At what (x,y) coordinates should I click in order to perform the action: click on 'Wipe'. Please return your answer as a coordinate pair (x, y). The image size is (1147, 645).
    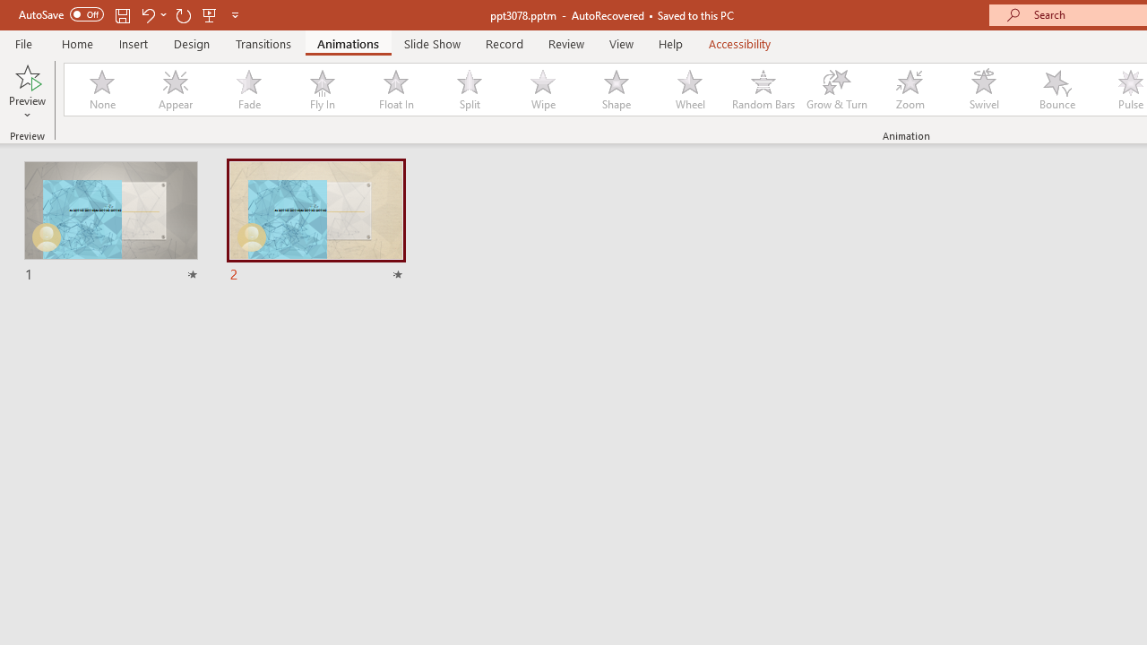
    Looking at the image, I should click on (541, 90).